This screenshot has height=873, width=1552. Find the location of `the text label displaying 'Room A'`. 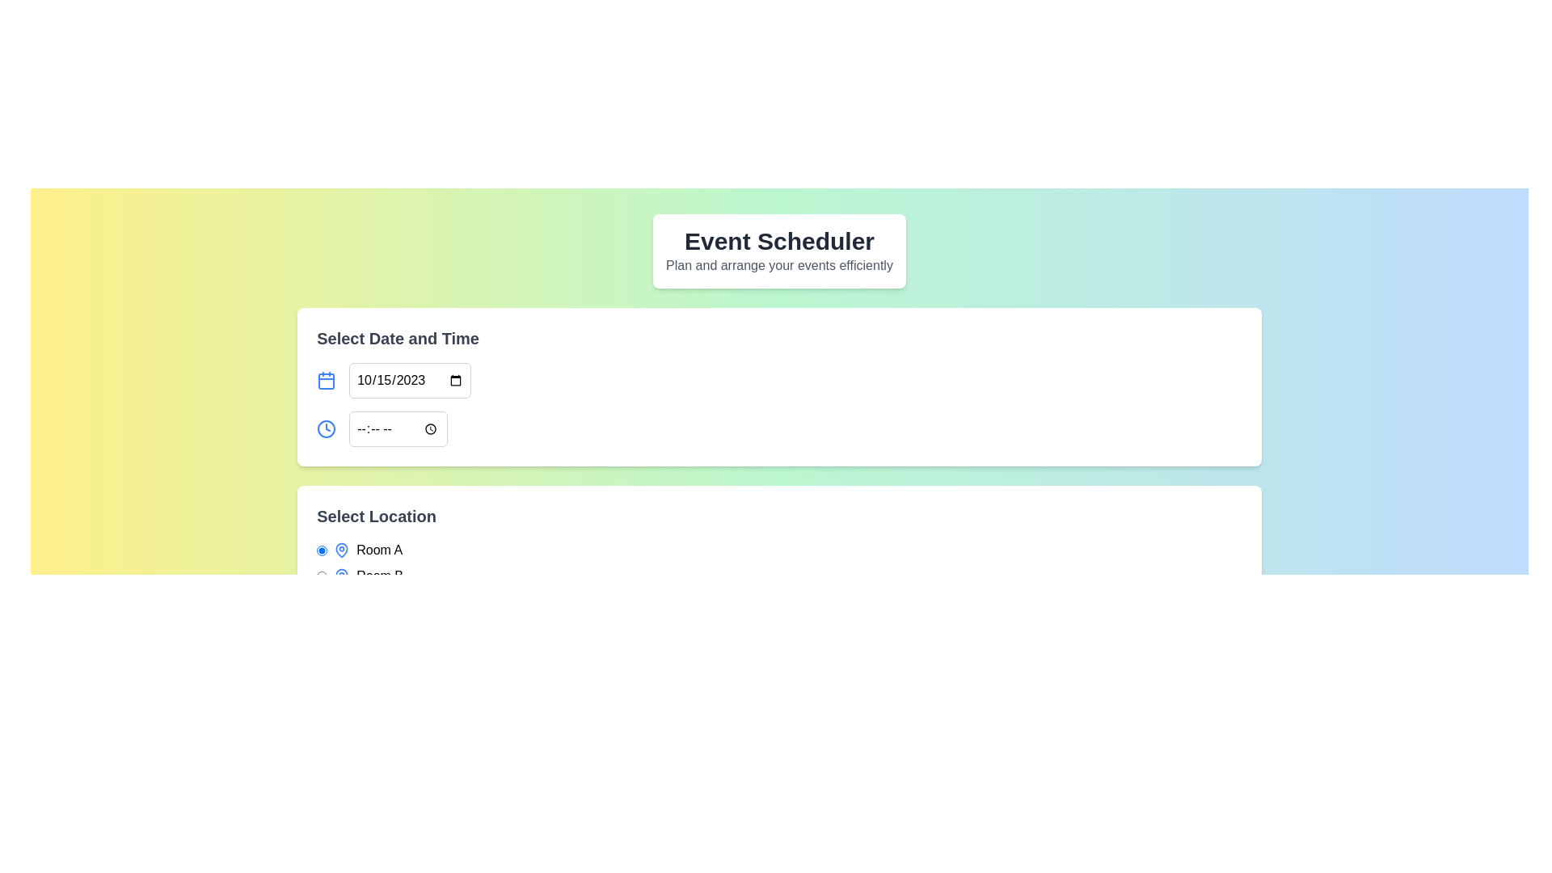

the text label displaying 'Room A' is located at coordinates (378, 550).